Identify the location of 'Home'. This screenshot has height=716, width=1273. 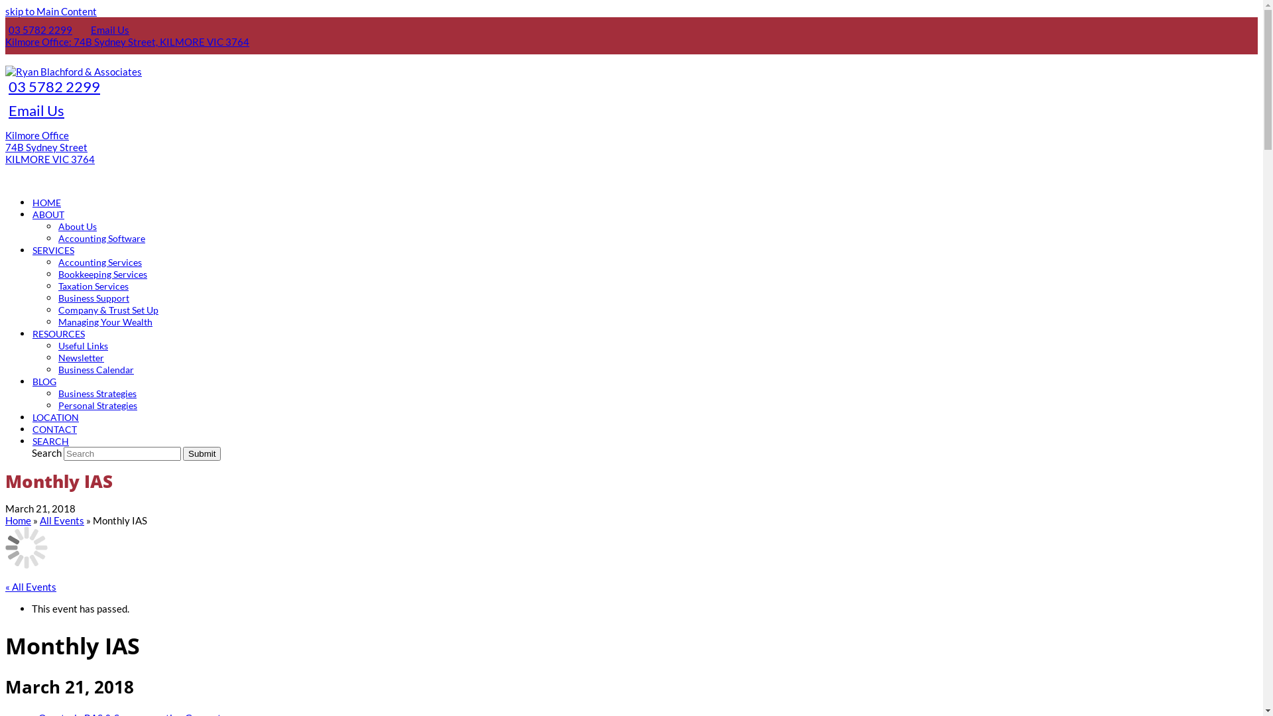
(5, 520).